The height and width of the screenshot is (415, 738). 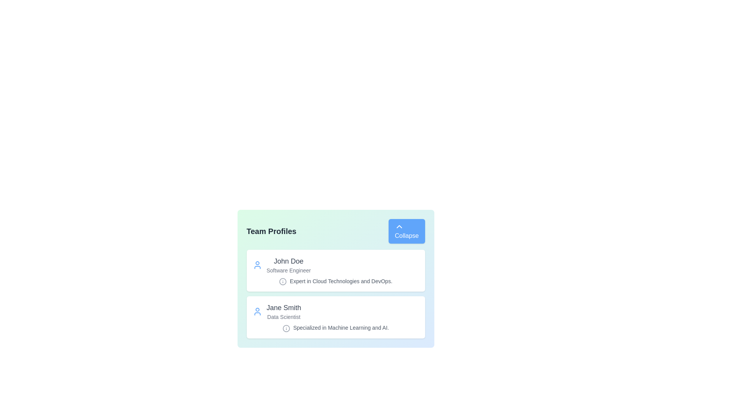 I want to click on the user icon of the profile identified by Jane Smith, so click(x=257, y=312).